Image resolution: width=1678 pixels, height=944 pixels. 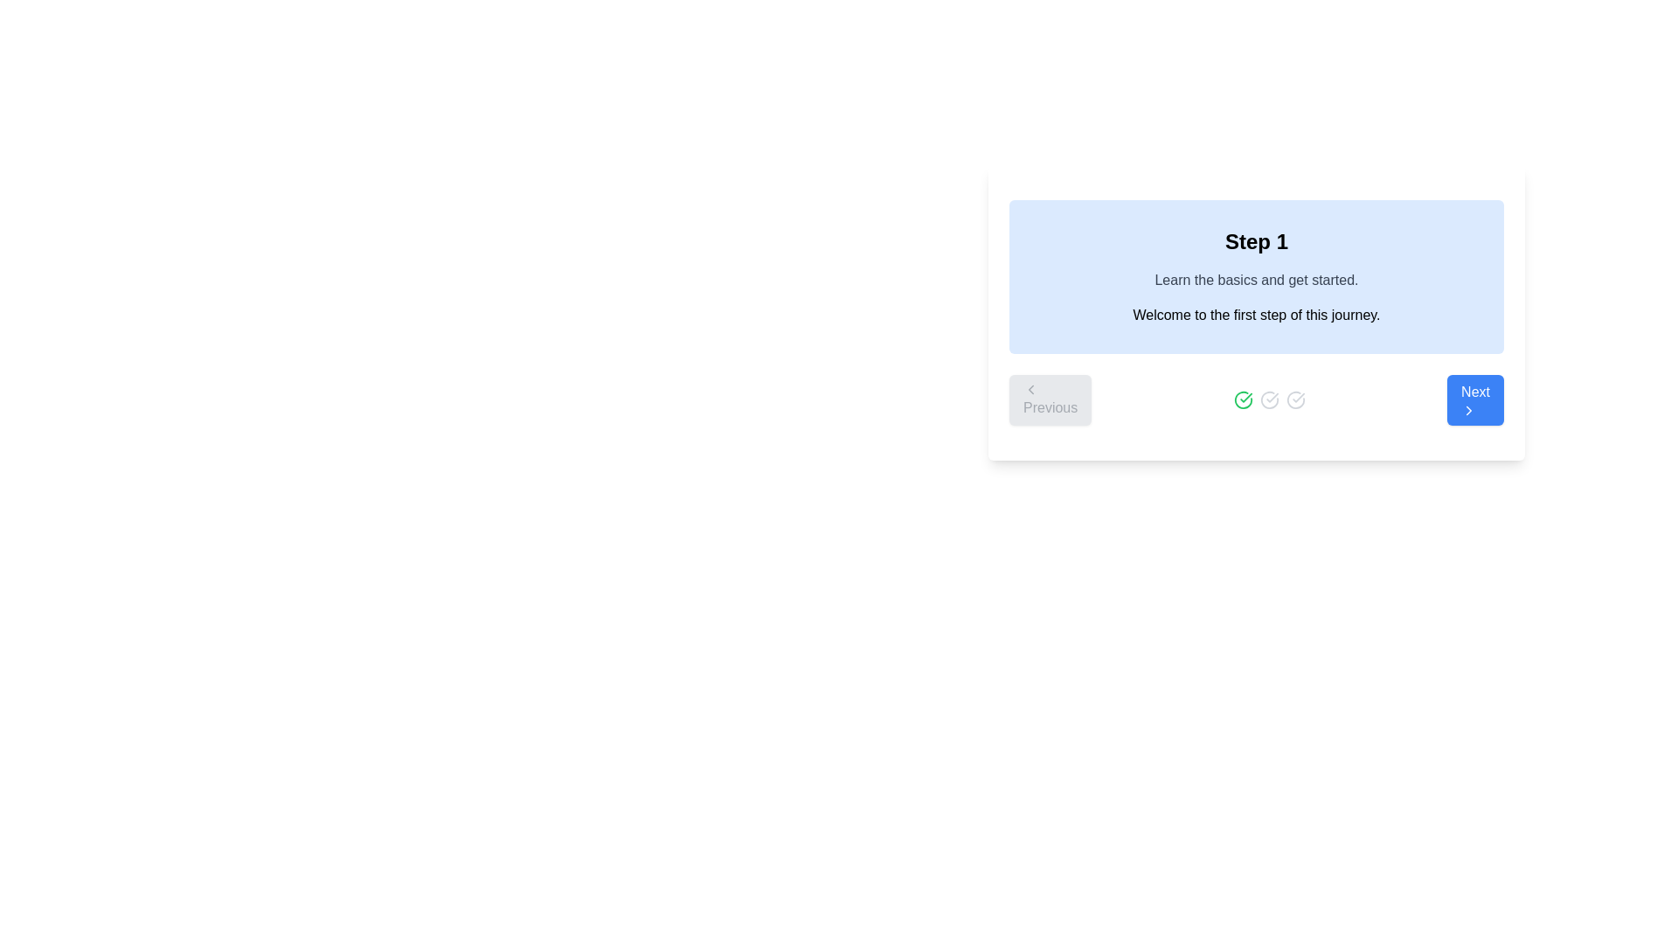 I want to click on the 'Previous' button, which is a rectangular button with slightly rounded corners, a gray background, and the text label 'Previous' in gray font, located at the bottom left of the interface, so click(x=1050, y=400).